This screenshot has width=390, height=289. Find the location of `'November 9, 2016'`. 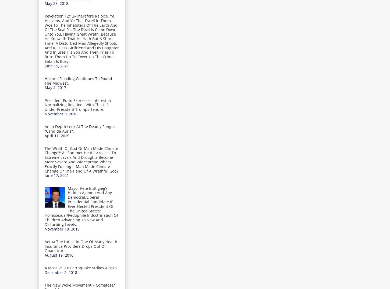

'November 9, 2016' is located at coordinates (61, 113).